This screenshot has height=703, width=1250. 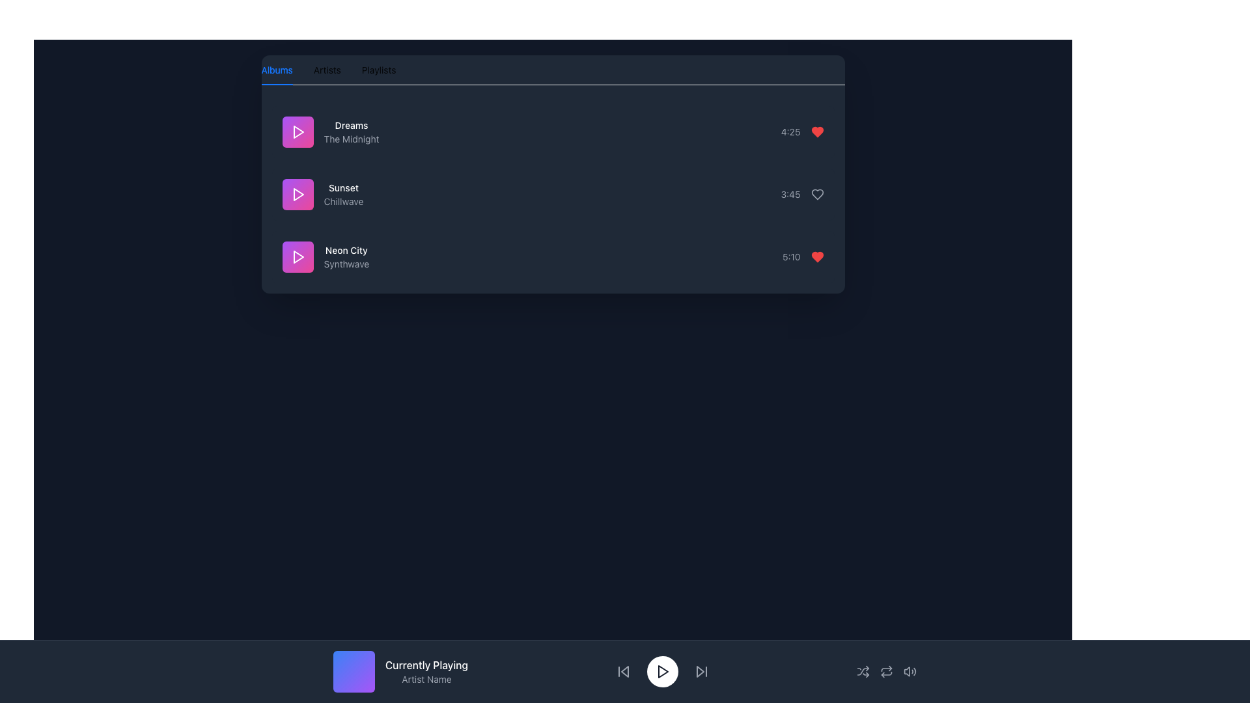 What do you see at coordinates (790, 195) in the screenshot?
I see `the gray-colored static text label displaying the track duration '3:45', which is positioned to the left of a heart-shaped icon in the middle section of the track entry list` at bounding box center [790, 195].